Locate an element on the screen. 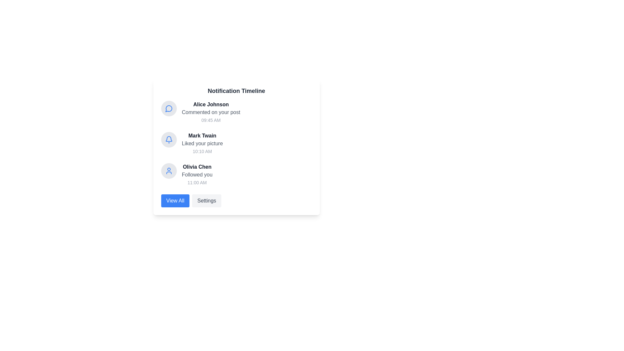  the middle notification entry that alerts the user that 'Mark Twain' liked their picture is located at coordinates (202, 143).